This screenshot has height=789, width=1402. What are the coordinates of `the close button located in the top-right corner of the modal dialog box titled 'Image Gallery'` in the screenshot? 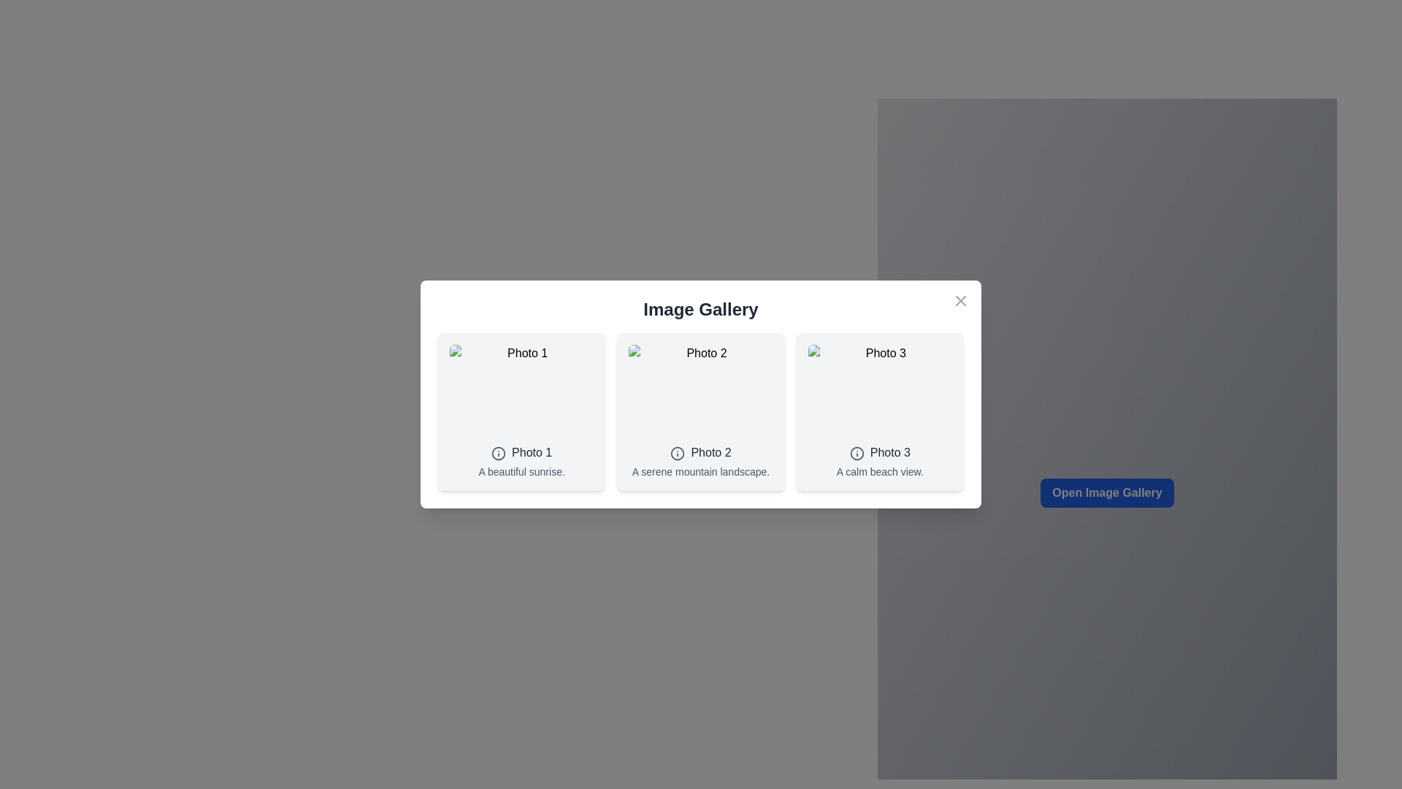 It's located at (960, 300).